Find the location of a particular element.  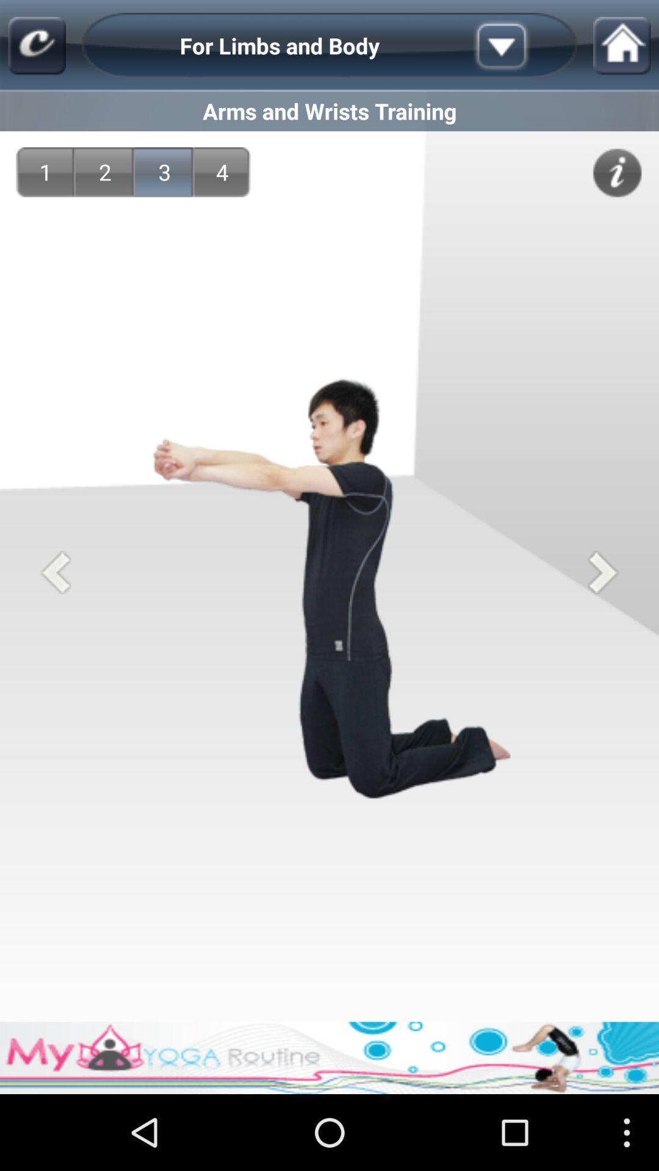

the icon below arms and wrists icon is located at coordinates (104, 171).